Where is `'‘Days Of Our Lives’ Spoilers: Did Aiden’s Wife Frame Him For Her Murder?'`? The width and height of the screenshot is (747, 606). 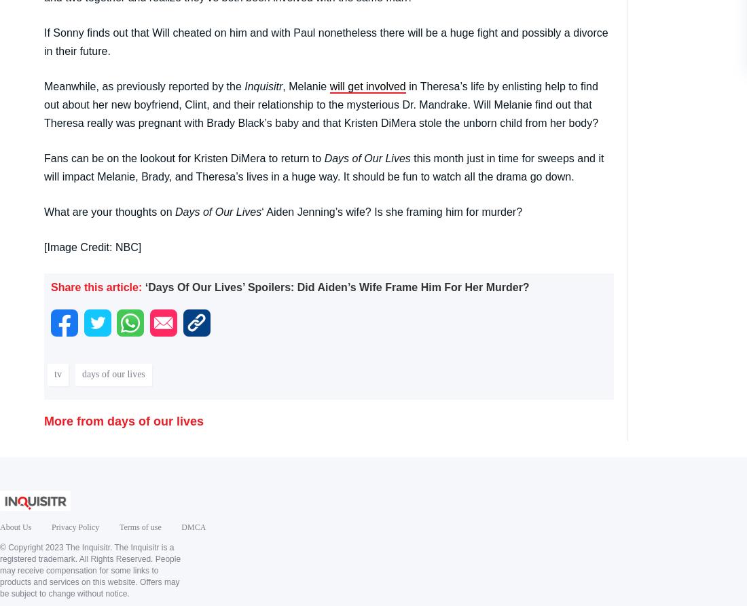 '‘Days Of Our Lives’ Spoilers: Did Aiden’s Wife Frame Him For Her Murder?' is located at coordinates (336, 286).